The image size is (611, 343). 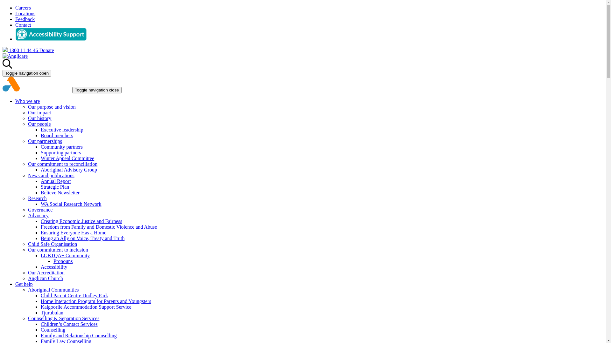 I want to click on 'Annual Report', so click(x=56, y=181).